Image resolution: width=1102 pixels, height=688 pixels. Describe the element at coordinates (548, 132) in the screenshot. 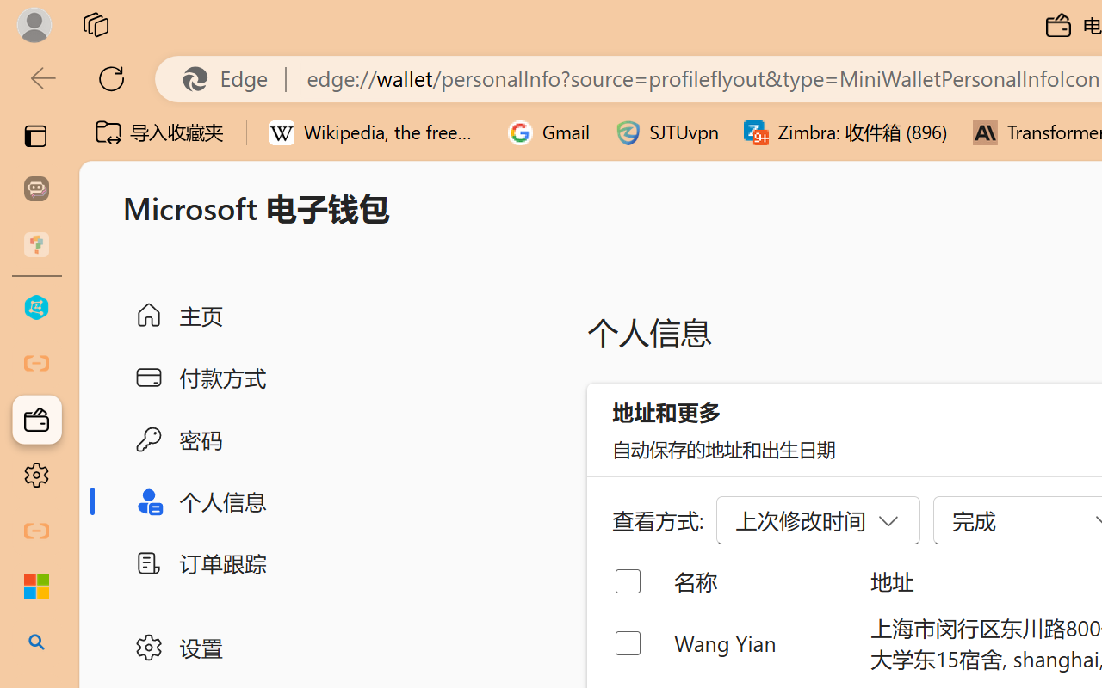

I see `'Gmail'` at that location.